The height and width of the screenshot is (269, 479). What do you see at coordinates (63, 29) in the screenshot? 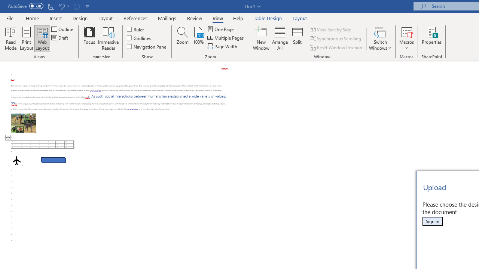
I see `'Outline'` at bounding box center [63, 29].